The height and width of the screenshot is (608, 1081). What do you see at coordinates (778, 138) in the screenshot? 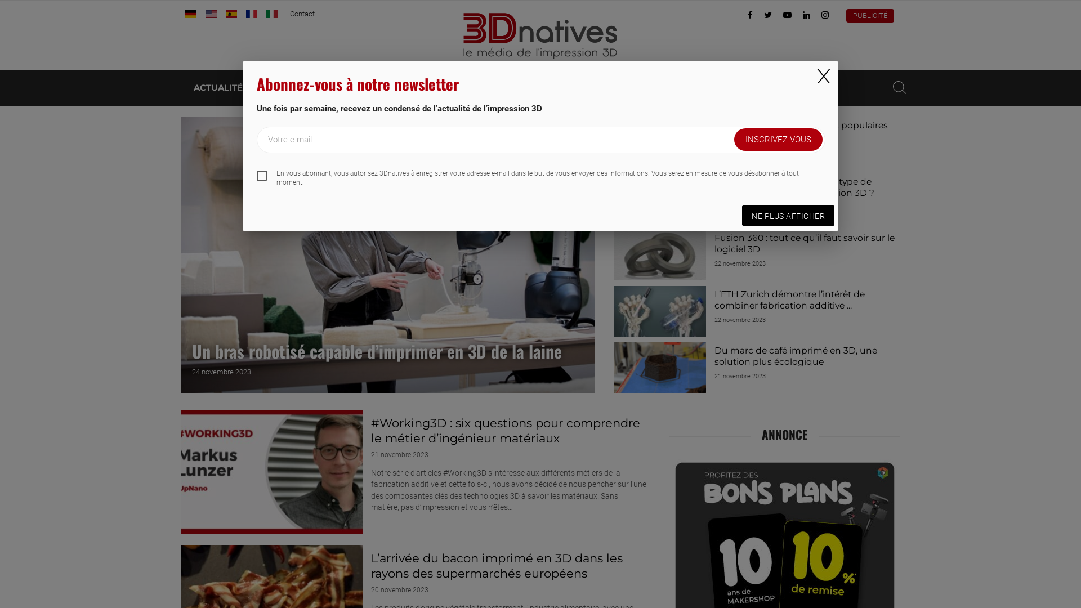
I see `'INSCRIVEZ-VOUS'` at bounding box center [778, 138].